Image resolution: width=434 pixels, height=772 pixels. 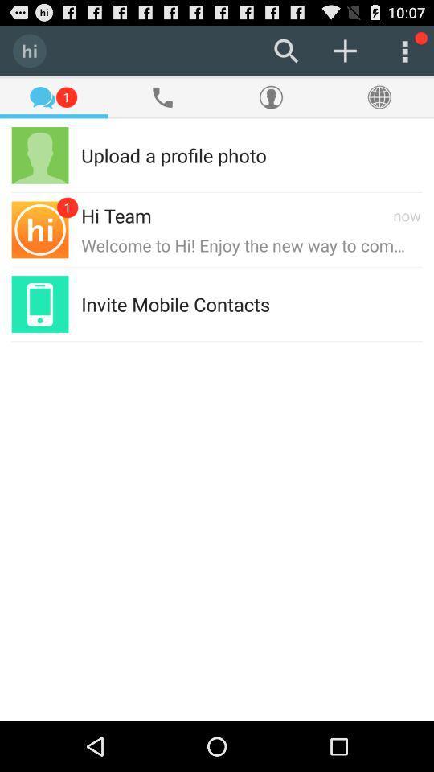 What do you see at coordinates (174, 303) in the screenshot?
I see `invite mobile contacts app` at bounding box center [174, 303].